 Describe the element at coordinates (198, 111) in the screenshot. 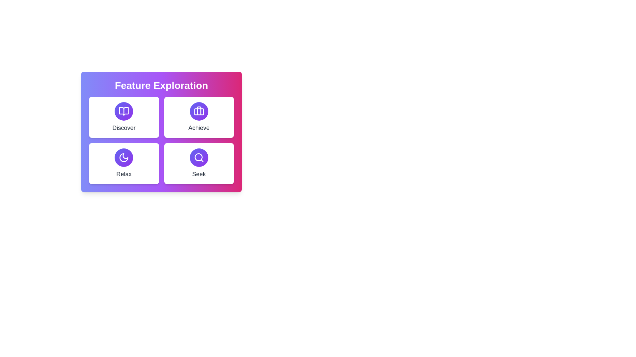

I see `the briefcase icon with a purple-to-indigo gradient background, located above the 'Achieve' label in the top-right of the 2x2 grid layout beneath 'Feature Exploration'` at that location.